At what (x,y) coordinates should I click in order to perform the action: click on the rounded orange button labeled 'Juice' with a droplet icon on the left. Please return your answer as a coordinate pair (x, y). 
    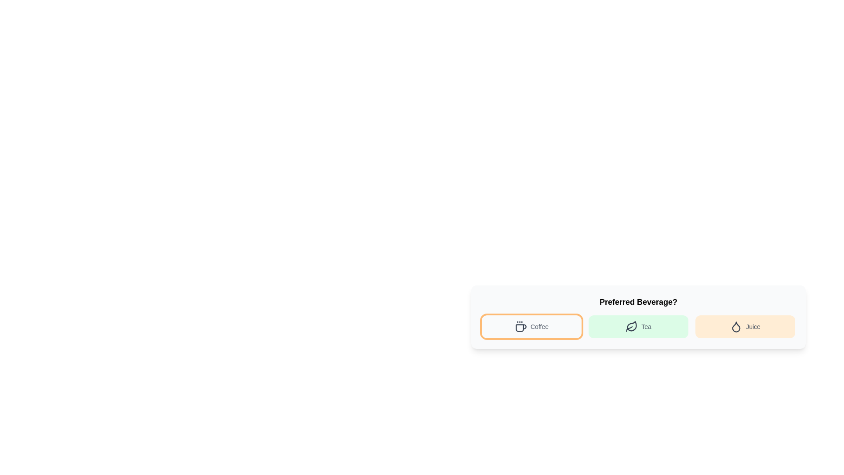
    Looking at the image, I should click on (745, 327).